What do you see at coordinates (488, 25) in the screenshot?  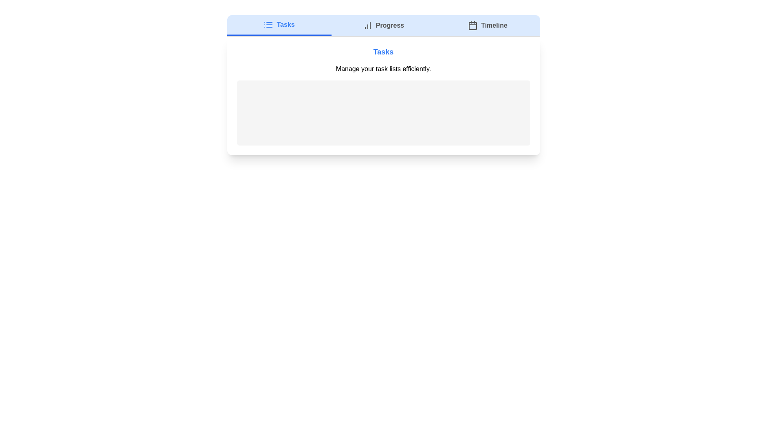 I see `the 'Timeline' tab, which is the last tab in the header navigation, styled with gray text and a calendar icon` at bounding box center [488, 25].